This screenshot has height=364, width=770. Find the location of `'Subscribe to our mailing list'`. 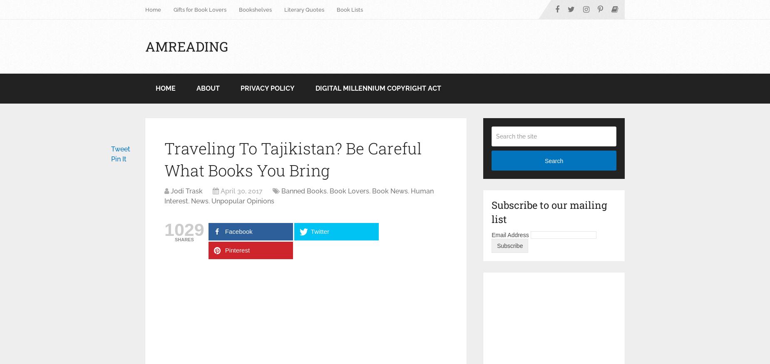

'Subscribe to our mailing list' is located at coordinates (549, 211).